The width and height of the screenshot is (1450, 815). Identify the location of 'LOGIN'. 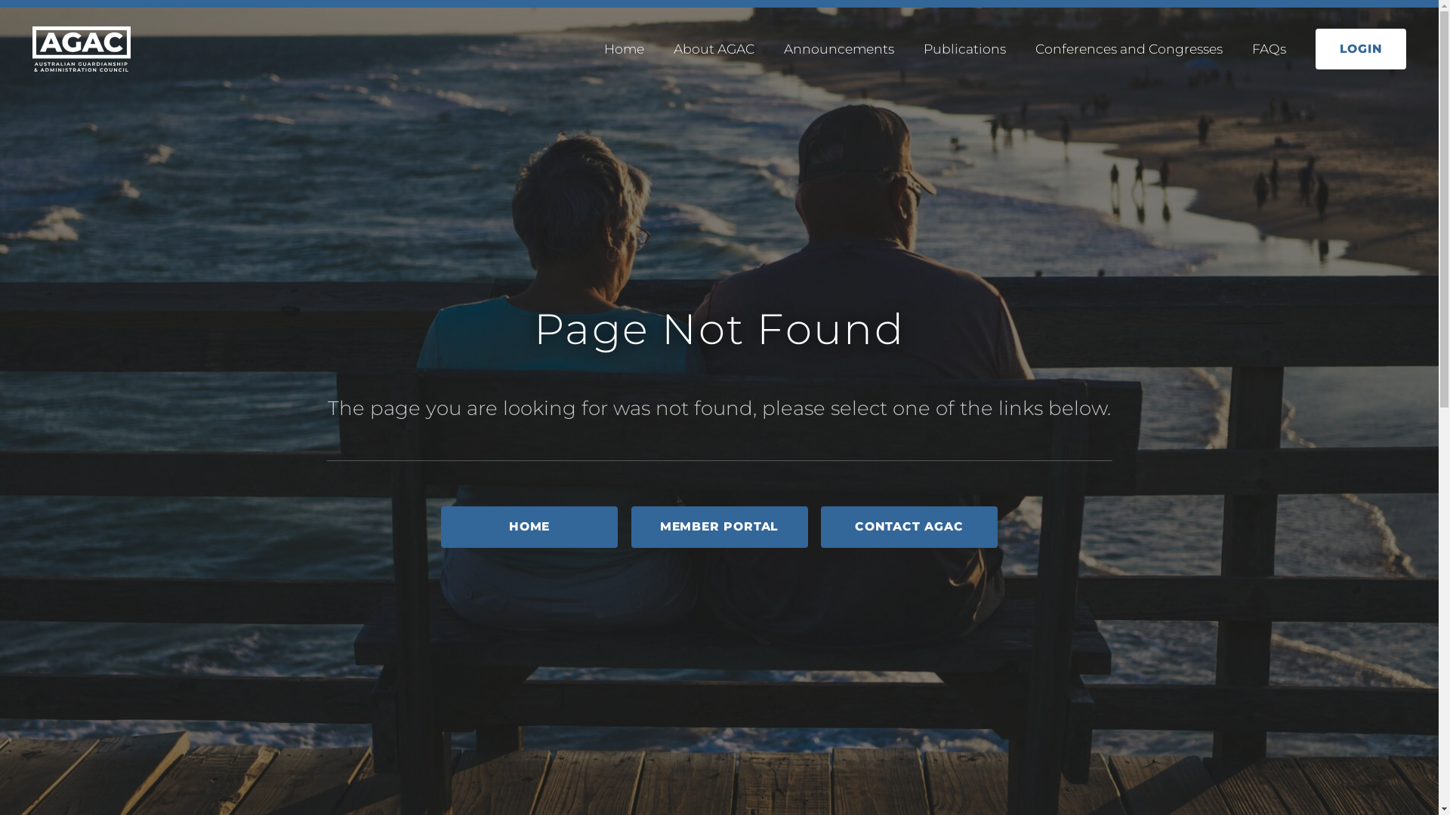
(1315, 48).